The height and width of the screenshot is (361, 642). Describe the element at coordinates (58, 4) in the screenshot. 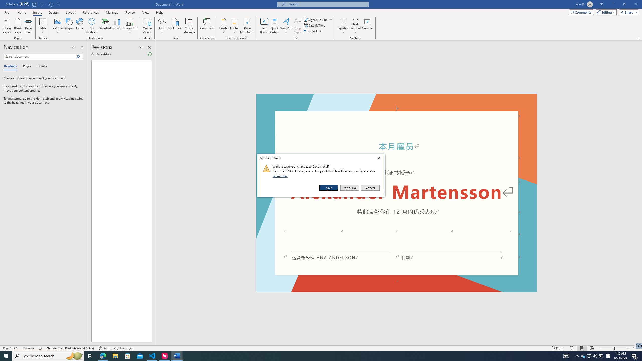

I see `'Customize Quick Access Toolbar'` at that location.